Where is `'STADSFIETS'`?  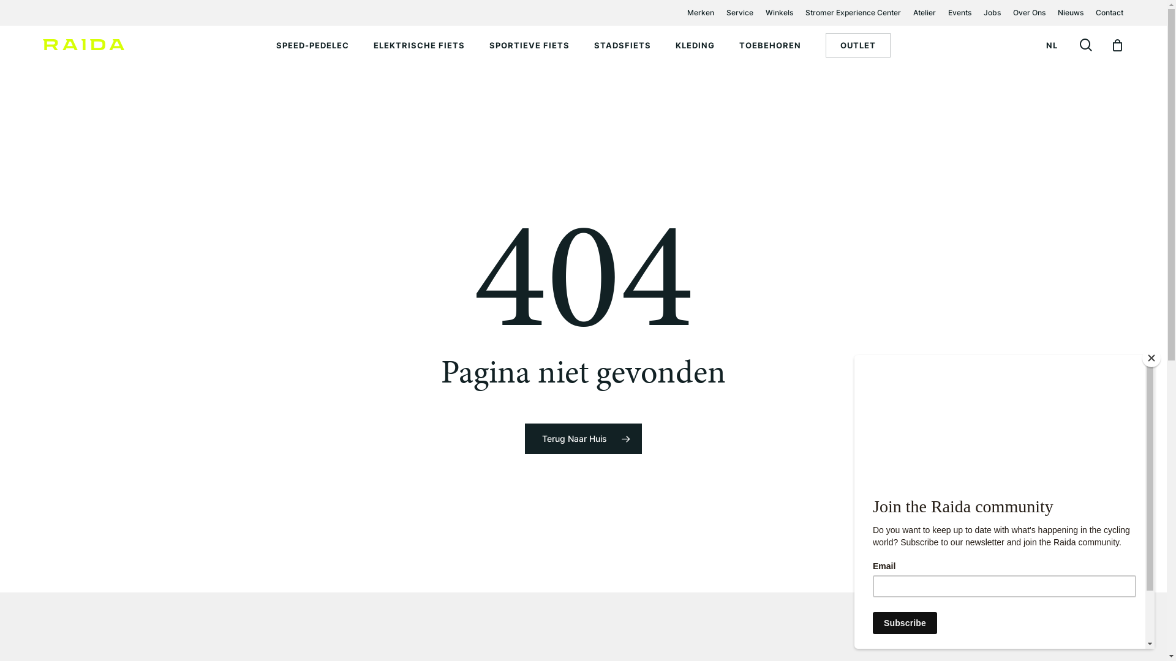
'STADSFIETS' is located at coordinates (622, 44).